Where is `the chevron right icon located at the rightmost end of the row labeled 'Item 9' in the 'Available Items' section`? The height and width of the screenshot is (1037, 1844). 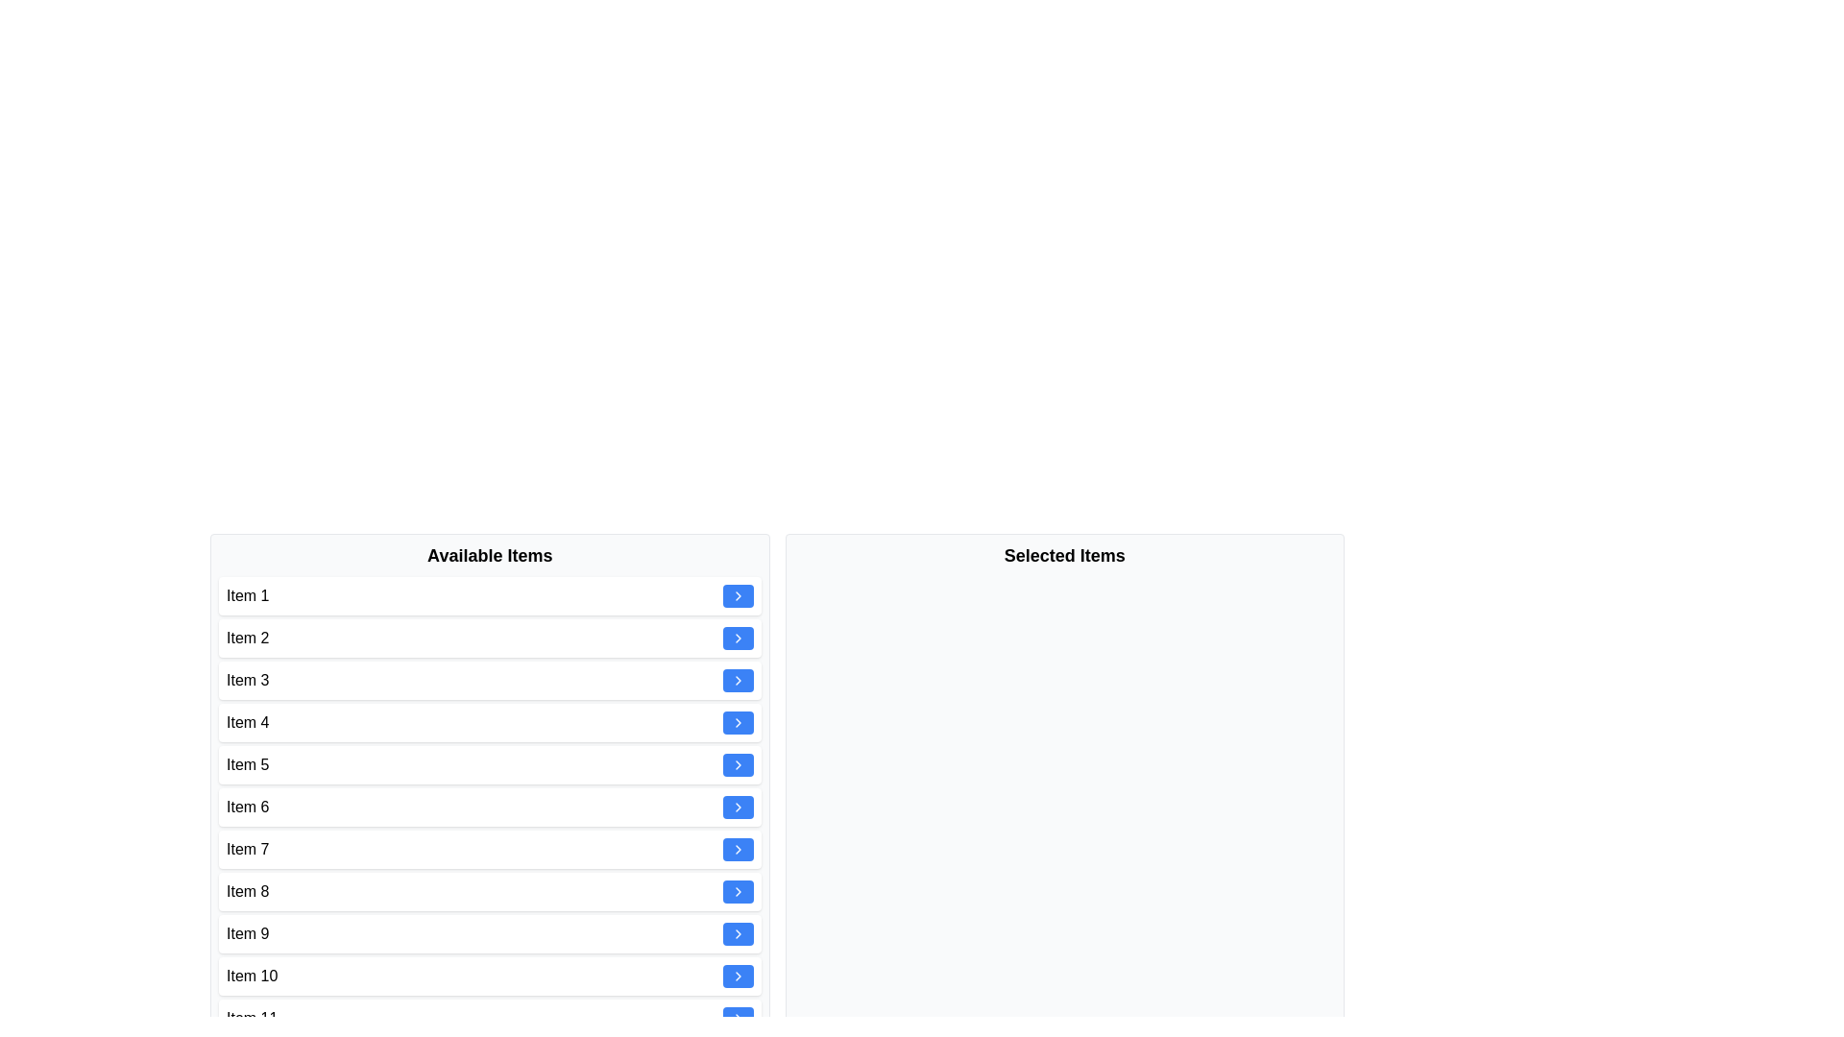
the chevron right icon located at the rightmost end of the row labeled 'Item 9' in the 'Available Items' section is located at coordinates (737, 932).